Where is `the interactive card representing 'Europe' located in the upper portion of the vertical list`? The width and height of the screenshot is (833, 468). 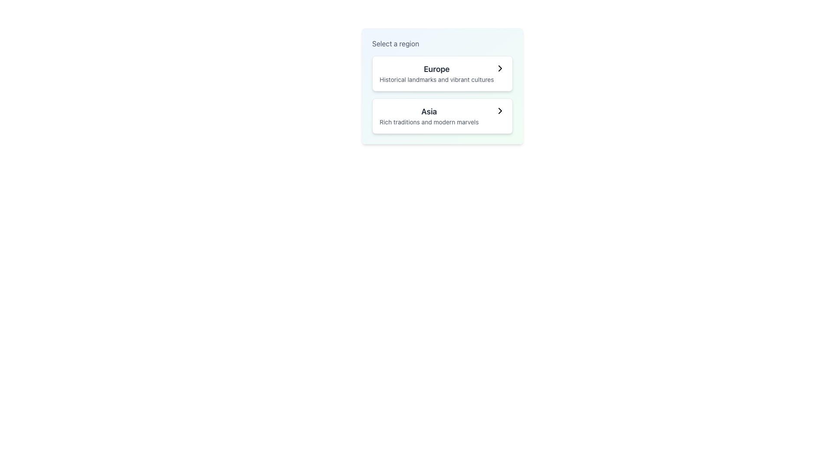
the interactive card representing 'Europe' located in the upper portion of the vertical list is located at coordinates (442, 73).